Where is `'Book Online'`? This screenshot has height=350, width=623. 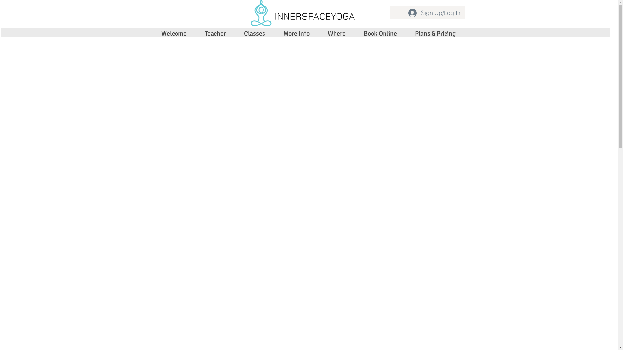 'Book Online' is located at coordinates (380, 34).